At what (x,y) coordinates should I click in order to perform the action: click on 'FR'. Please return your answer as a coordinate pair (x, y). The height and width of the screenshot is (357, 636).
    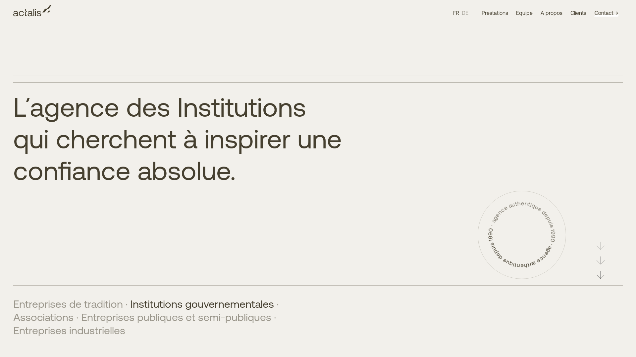
    Looking at the image, I should click on (456, 13).